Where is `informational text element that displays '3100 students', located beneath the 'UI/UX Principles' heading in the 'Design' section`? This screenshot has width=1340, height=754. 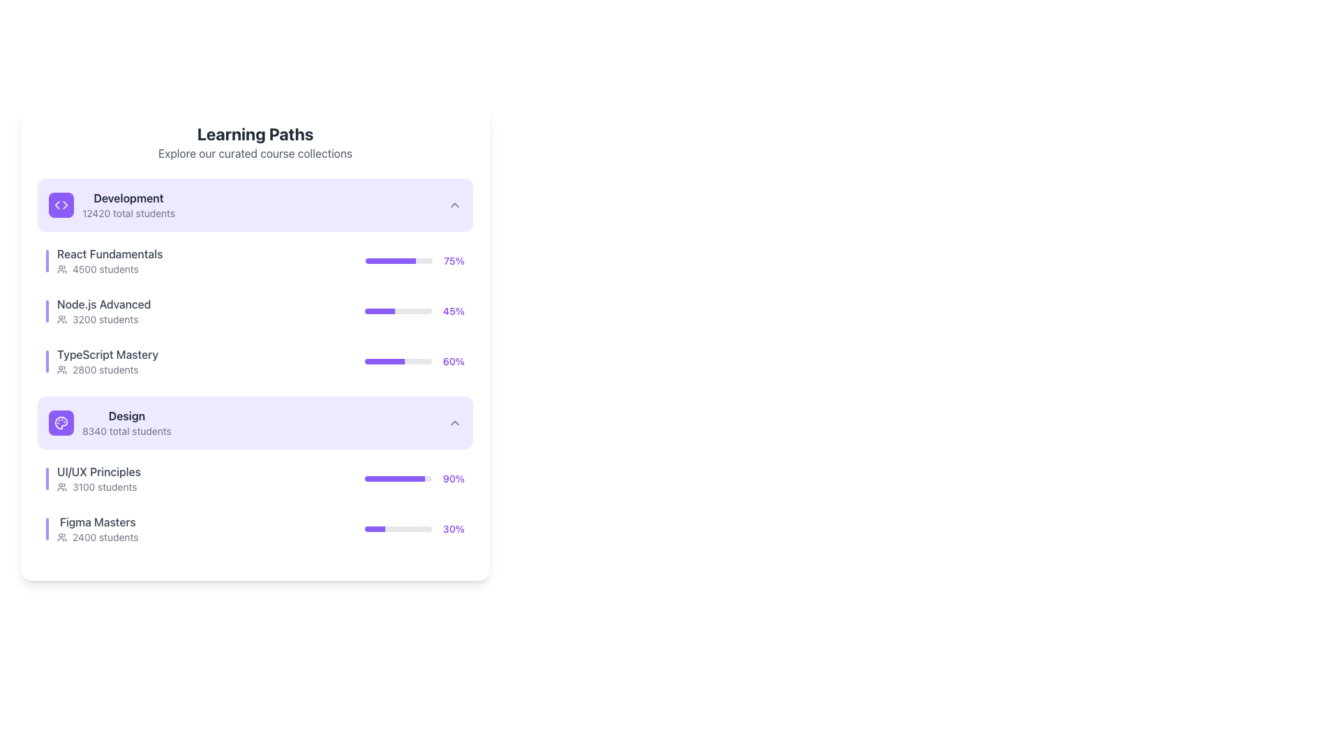
informational text element that displays '3100 students', located beneath the 'UI/UX Principles' heading in the 'Design' section is located at coordinates (104, 487).